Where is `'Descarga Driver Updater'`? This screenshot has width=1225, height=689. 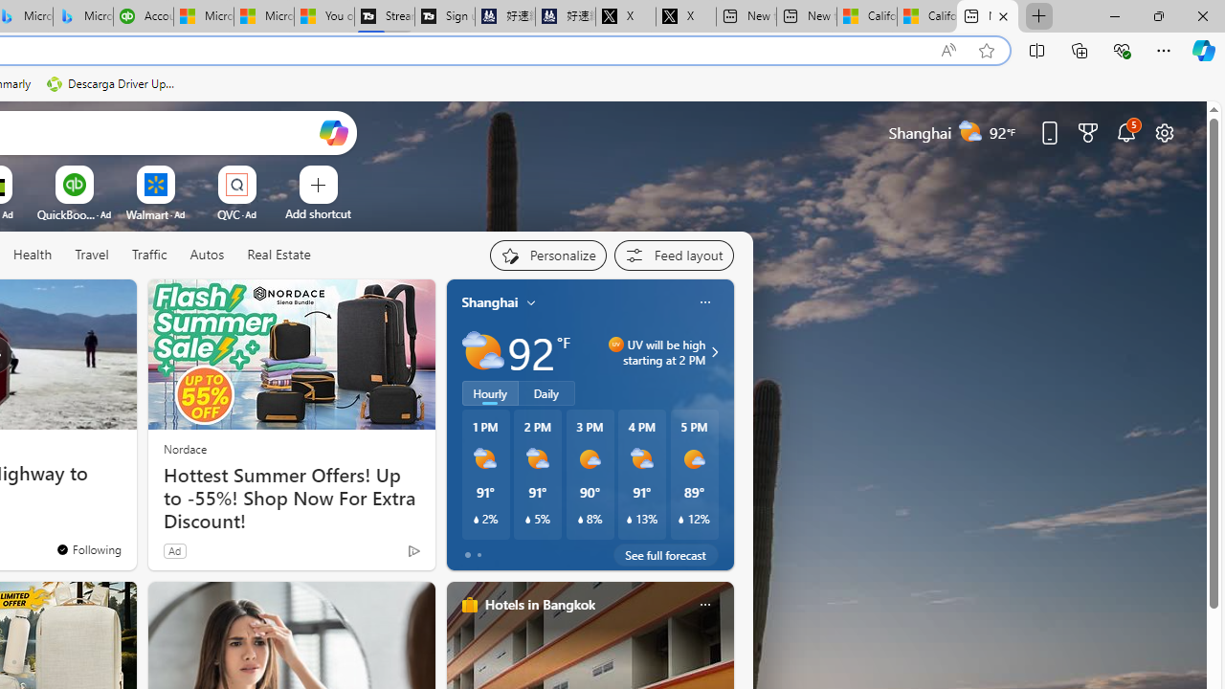
'Descarga Driver Updater' is located at coordinates (112, 83).